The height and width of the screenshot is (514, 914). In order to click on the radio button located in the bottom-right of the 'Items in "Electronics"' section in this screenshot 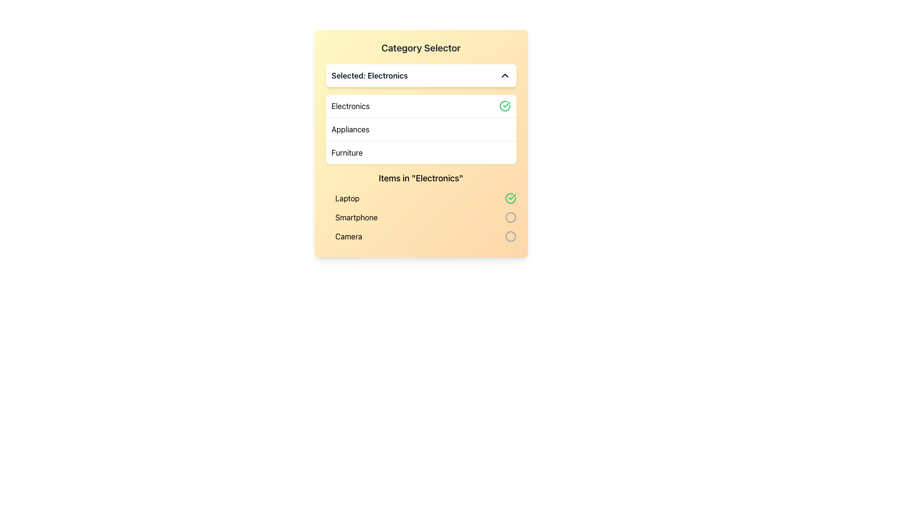, I will do `click(510, 217)`.